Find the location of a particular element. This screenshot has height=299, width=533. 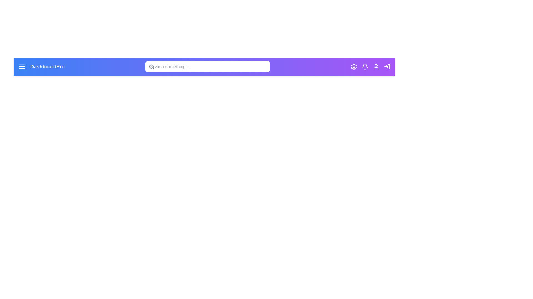

notification icon to view notifications is located at coordinates (365, 66).